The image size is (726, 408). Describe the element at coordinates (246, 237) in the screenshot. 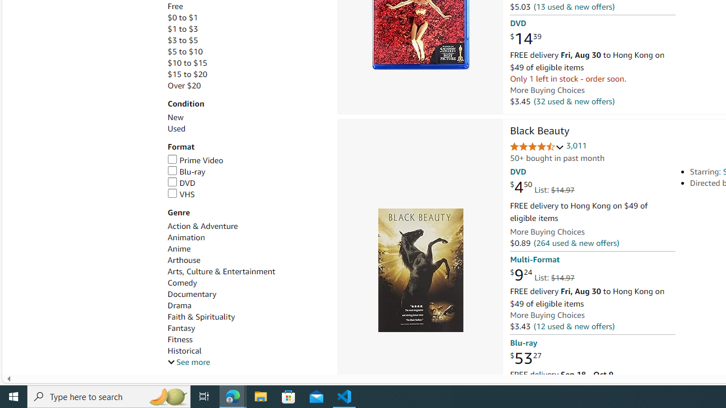

I see `'Animation'` at that location.